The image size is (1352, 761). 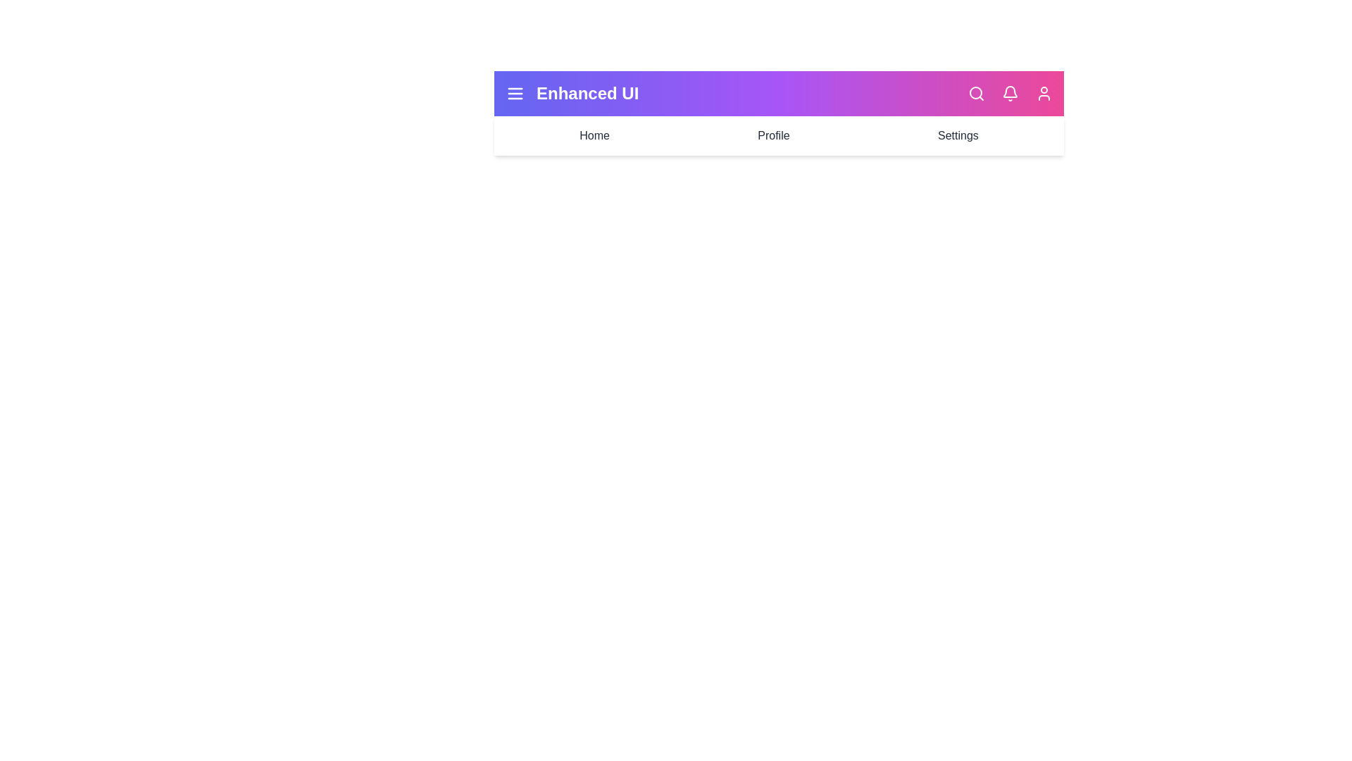 What do you see at coordinates (514, 93) in the screenshot?
I see `the menu icon to toggle the menu visibility` at bounding box center [514, 93].